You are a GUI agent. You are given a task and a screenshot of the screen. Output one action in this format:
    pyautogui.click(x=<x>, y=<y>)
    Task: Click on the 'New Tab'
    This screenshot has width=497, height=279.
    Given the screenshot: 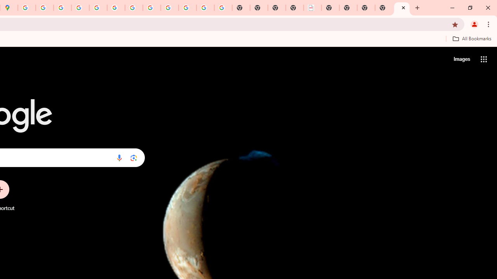 What is the action you would take?
    pyautogui.click(x=384, y=8)
    